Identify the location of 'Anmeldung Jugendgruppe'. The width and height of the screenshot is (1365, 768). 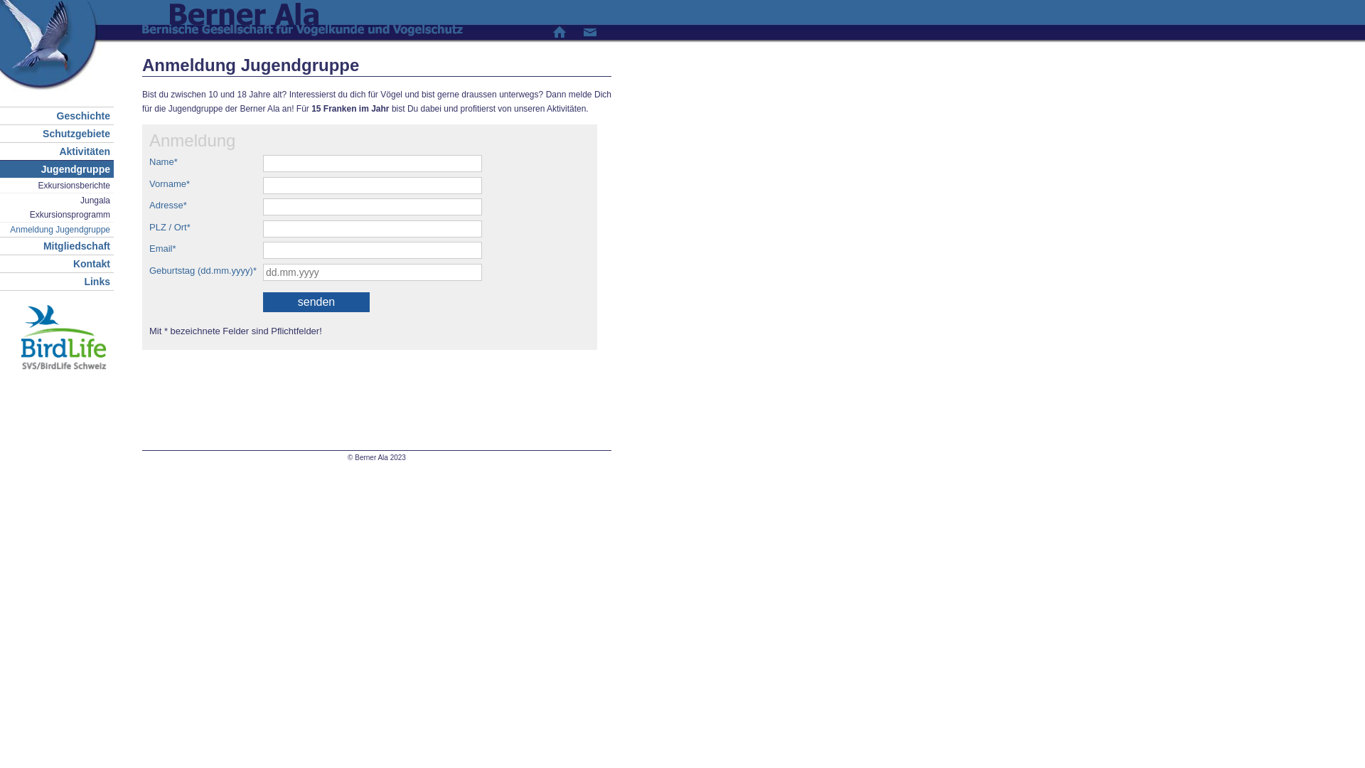
(57, 229).